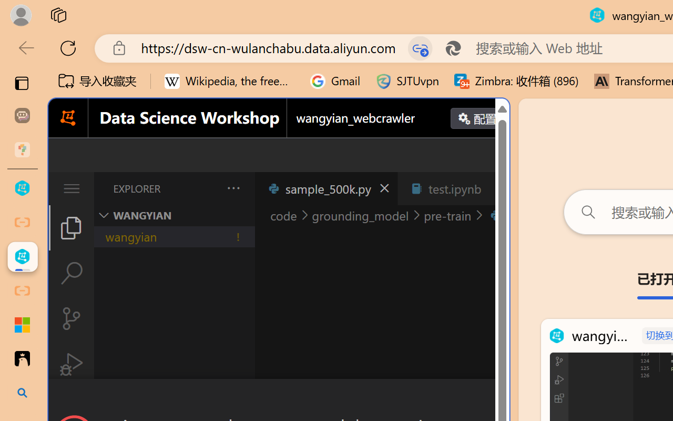 This screenshot has width=673, height=421. Describe the element at coordinates (22, 257) in the screenshot. I see `'wangyian_webcrawler - DSW'` at that location.